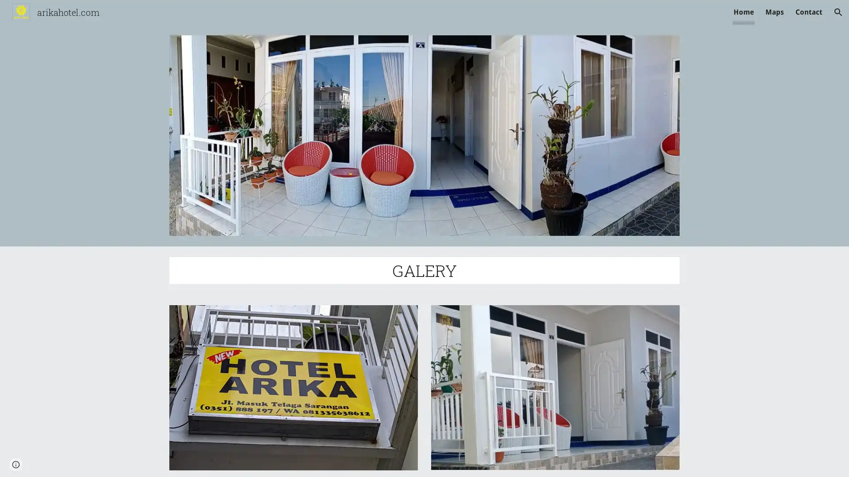 The height and width of the screenshot is (477, 849). What do you see at coordinates (106, 461) in the screenshot?
I see `Report abuse` at bounding box center [106, 461].